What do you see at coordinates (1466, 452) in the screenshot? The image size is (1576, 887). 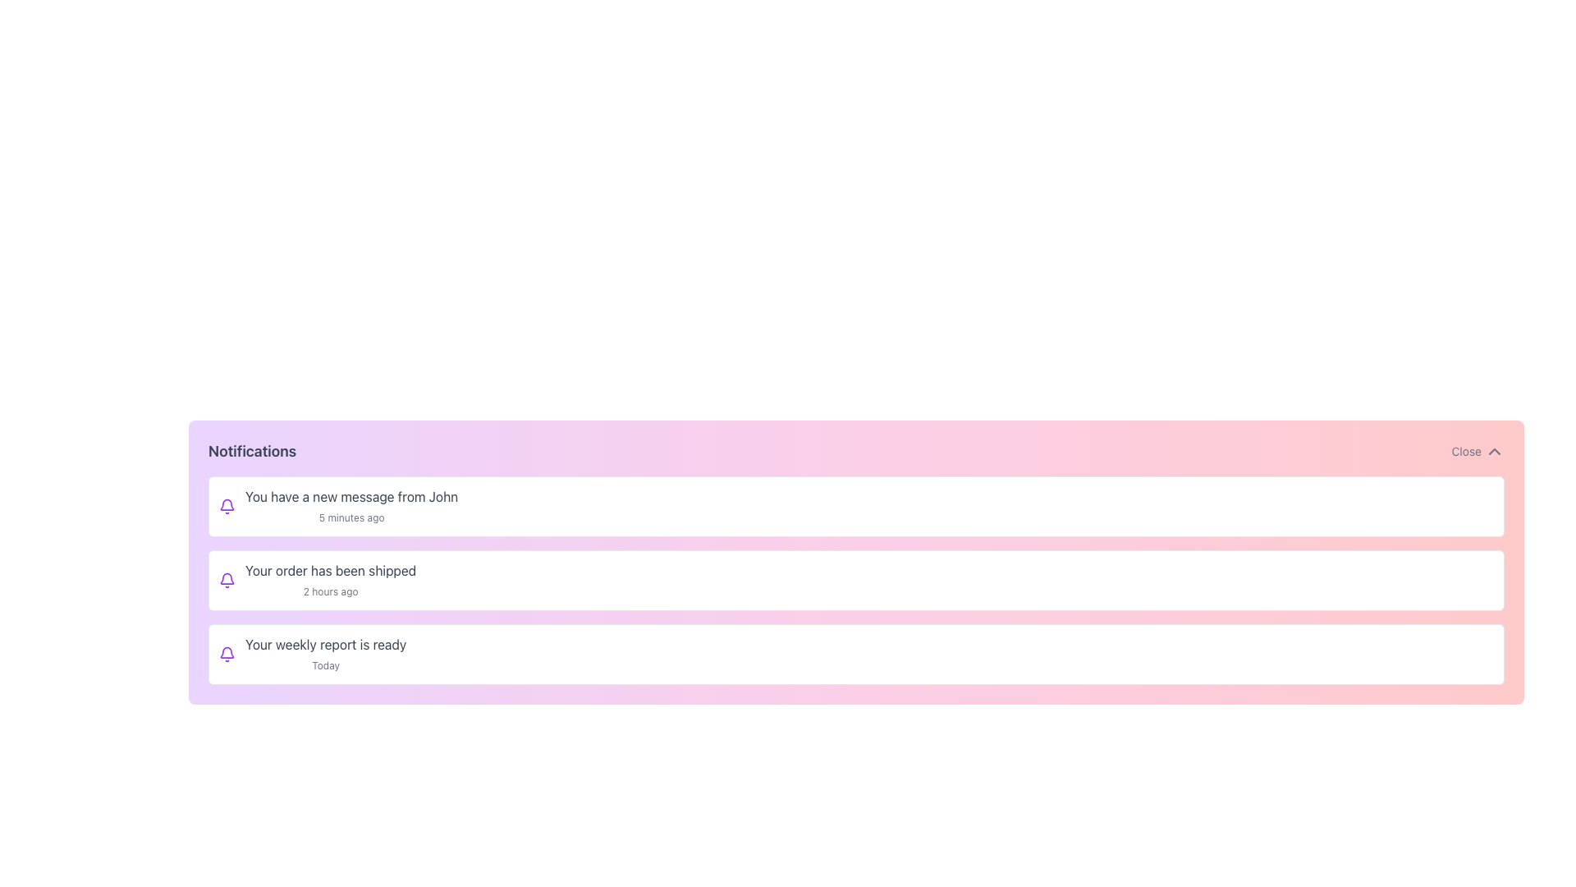 I see `the 'Close' text label located in the top-right corner of the notification panel, which indicates a dismiss action for the panel` at bounding box center [1466, 452].